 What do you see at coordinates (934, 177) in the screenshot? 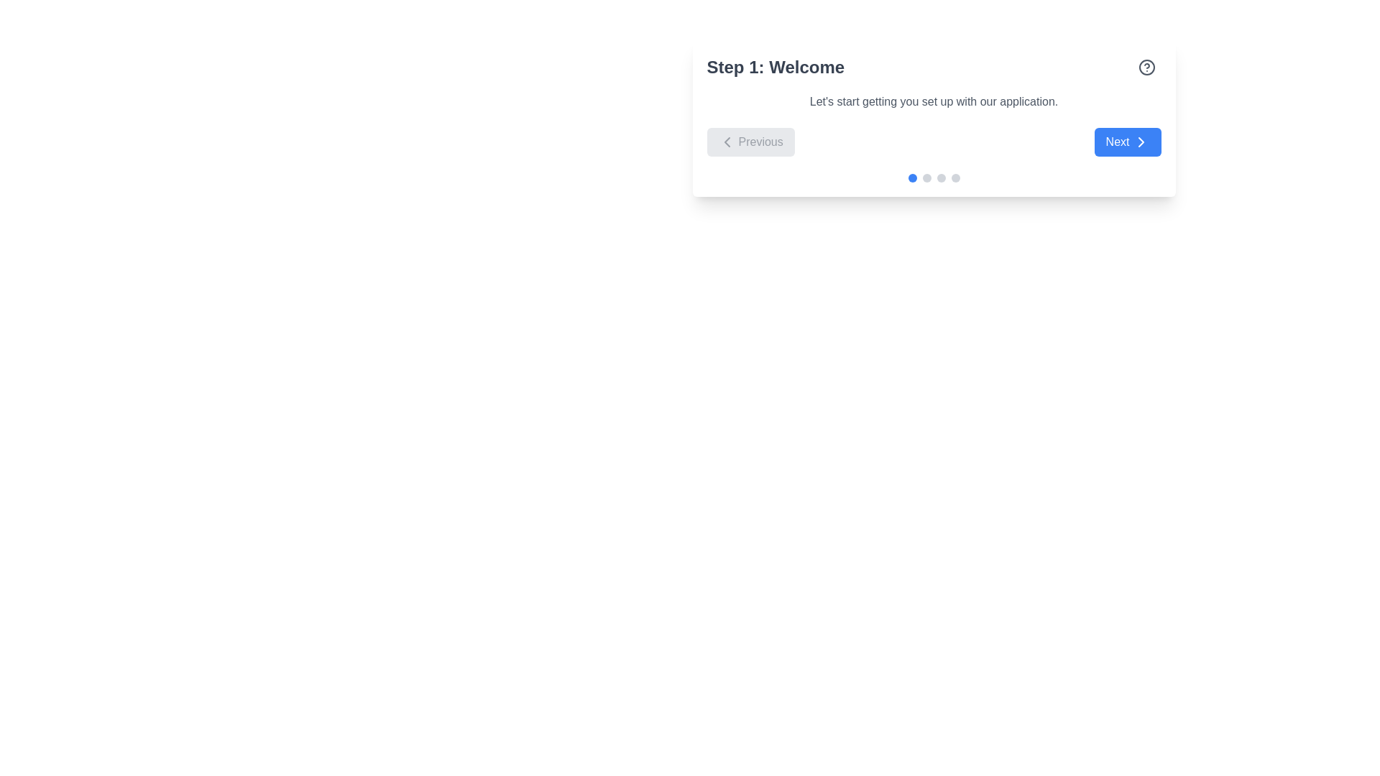
I see `the progress indicator, which consists of a blue circle for the current step and gray circles for upcoming steps, located centrally below the description text and navigation buttons labeled 'Previous' and 'Next'` at bounding box center [934, 177].